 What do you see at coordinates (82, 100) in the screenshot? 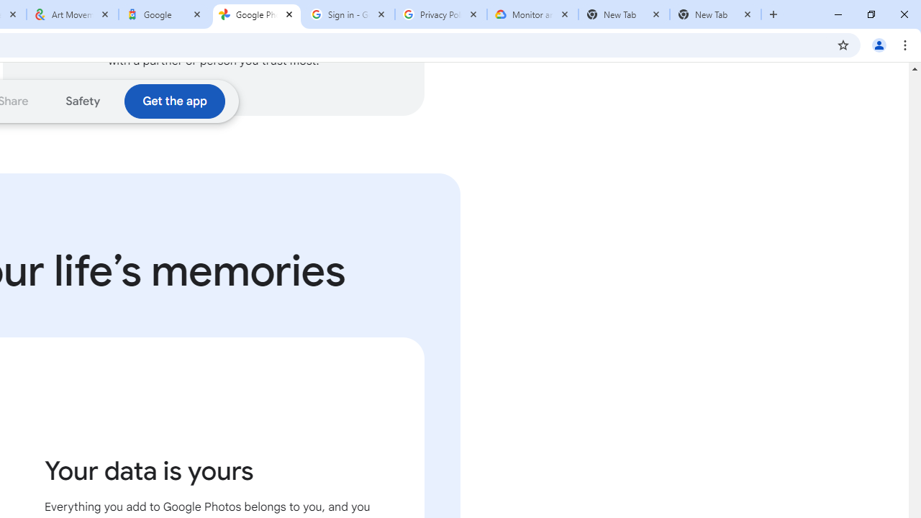
I see `'Go to section: Safety'` at bounding box center [82, 100].